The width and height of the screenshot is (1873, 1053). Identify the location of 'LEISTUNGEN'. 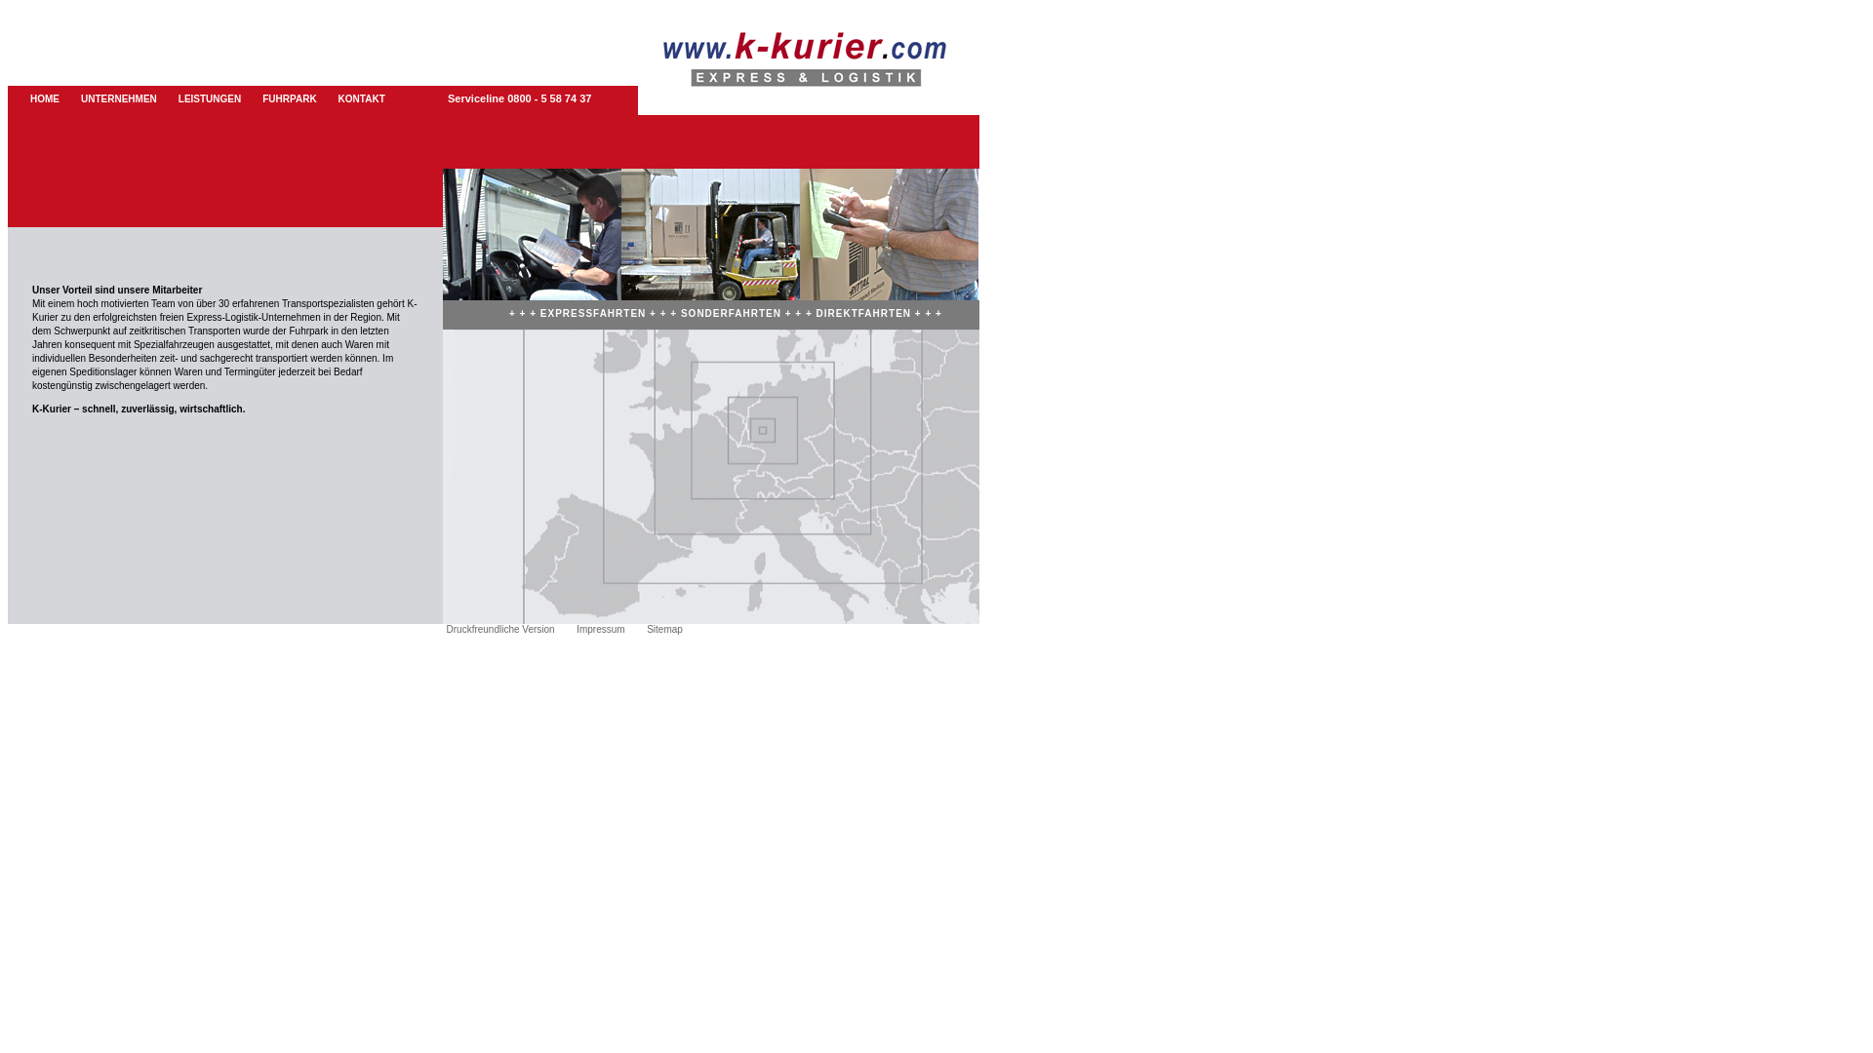
(210, 98).